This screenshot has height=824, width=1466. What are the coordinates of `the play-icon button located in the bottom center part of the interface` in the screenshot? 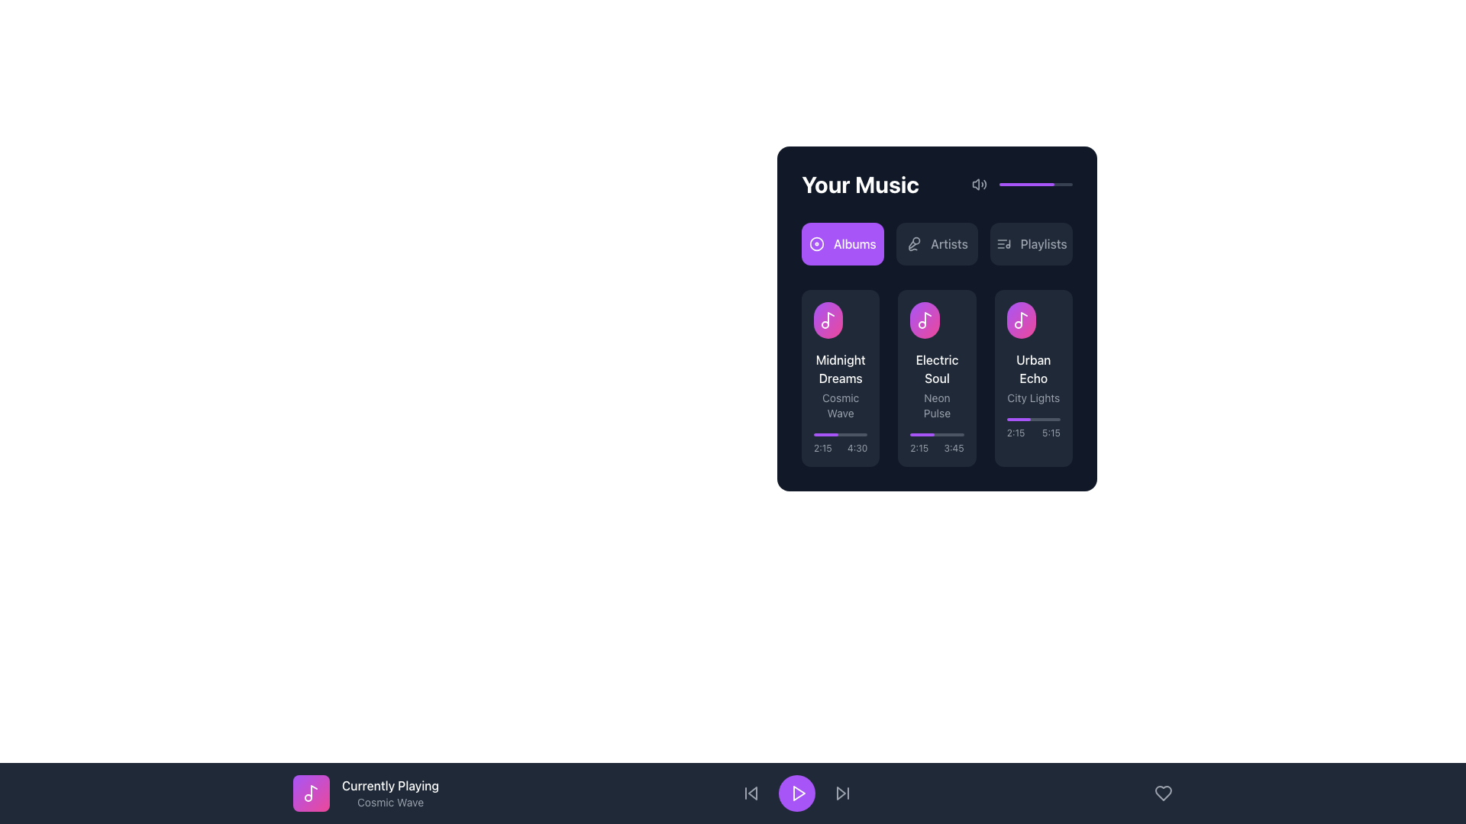 It's located at (797, 793).